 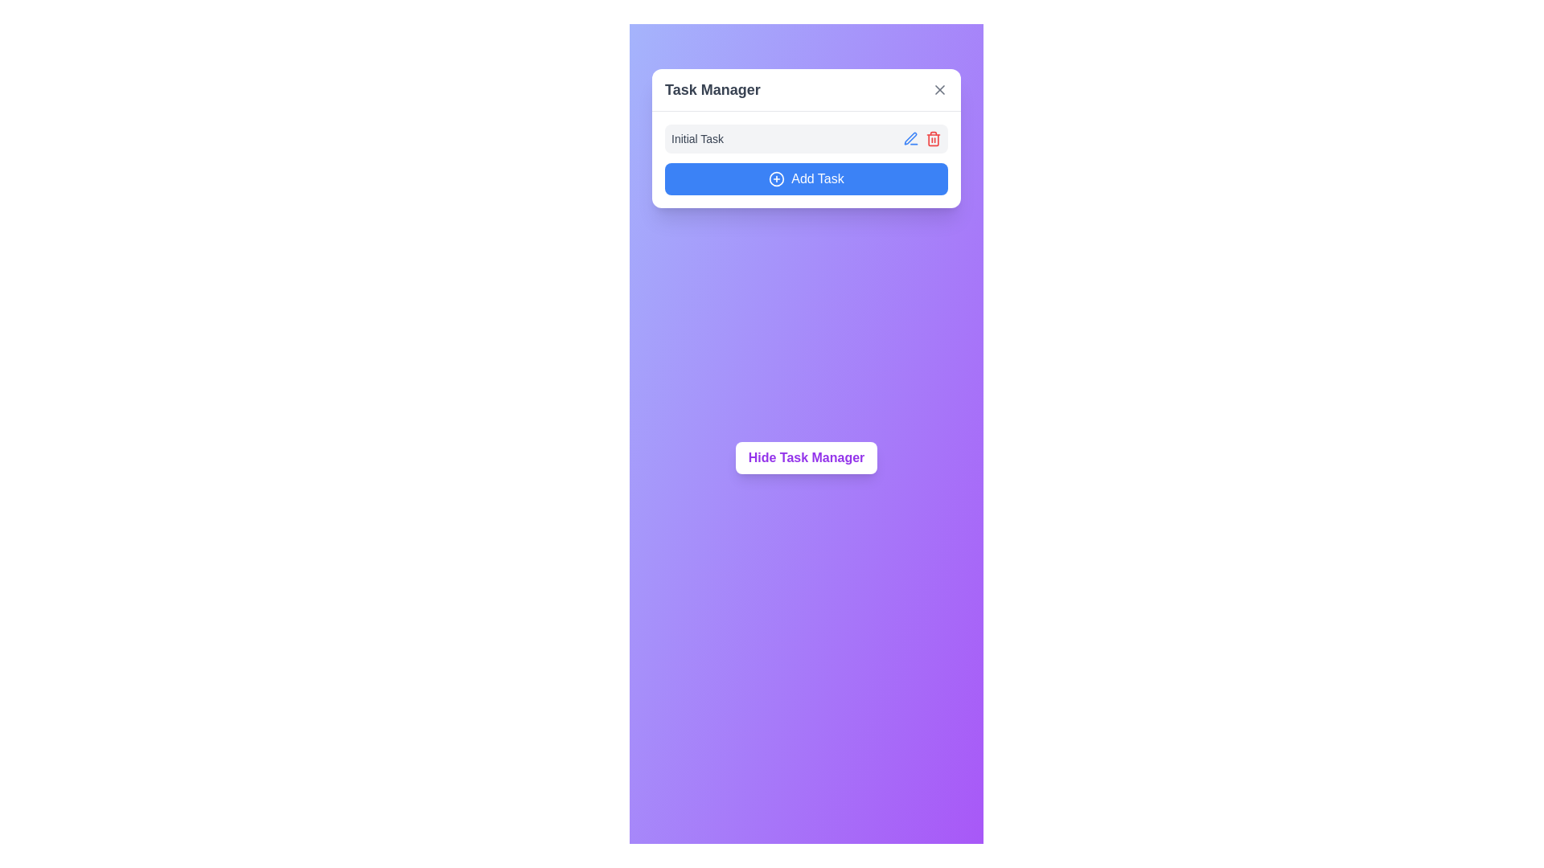 What do you see at coordinates (777, 179) in the screenshot?
I see `the icon representing the action of adding something, located to the left of the 'Add Task' text on the blue button in the center of the task manager interface` at bounding box center [777, 179].